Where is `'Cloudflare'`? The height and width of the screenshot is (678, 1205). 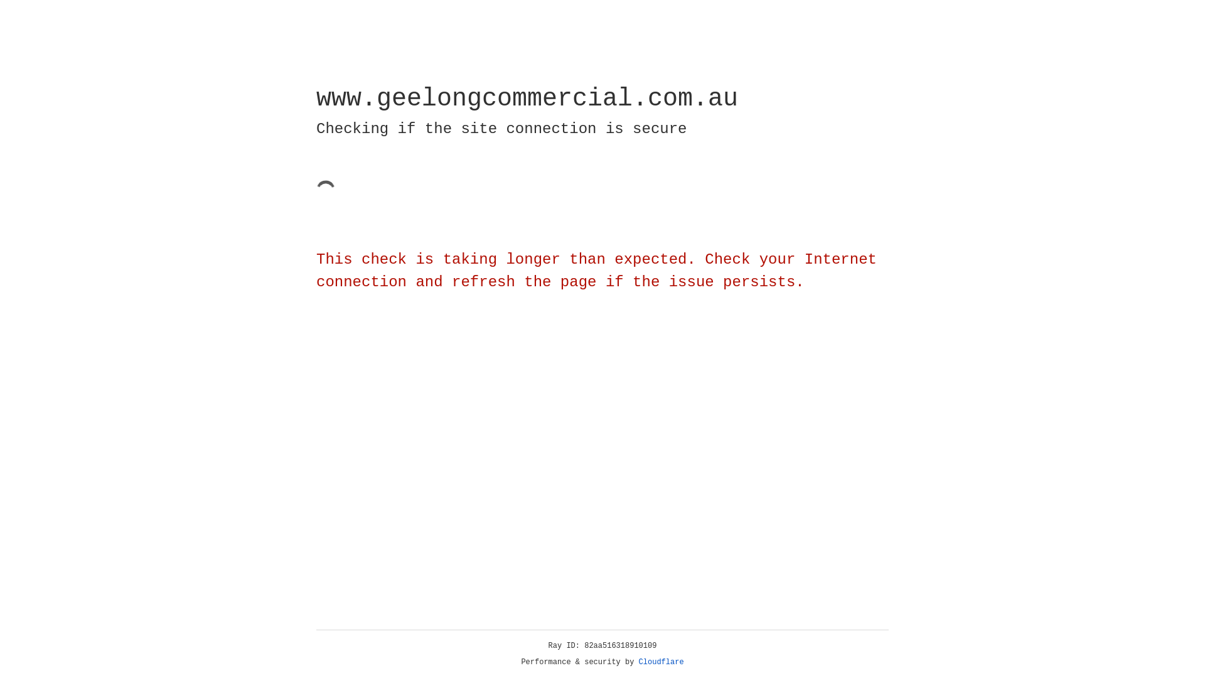 'Cloudflare' is located at coordinates (661, 662).